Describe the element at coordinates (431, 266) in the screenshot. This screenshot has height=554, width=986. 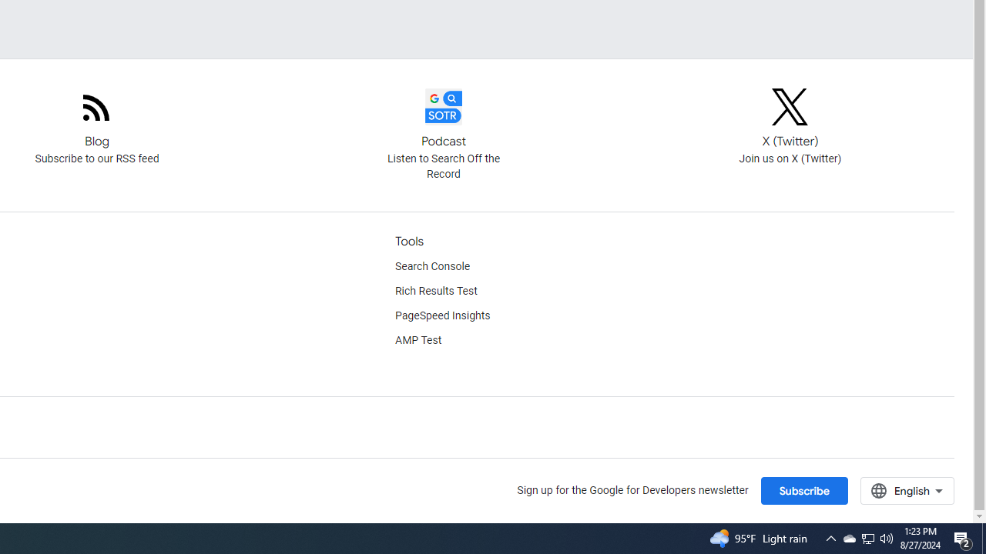
I see `'Search Console'` at that location.